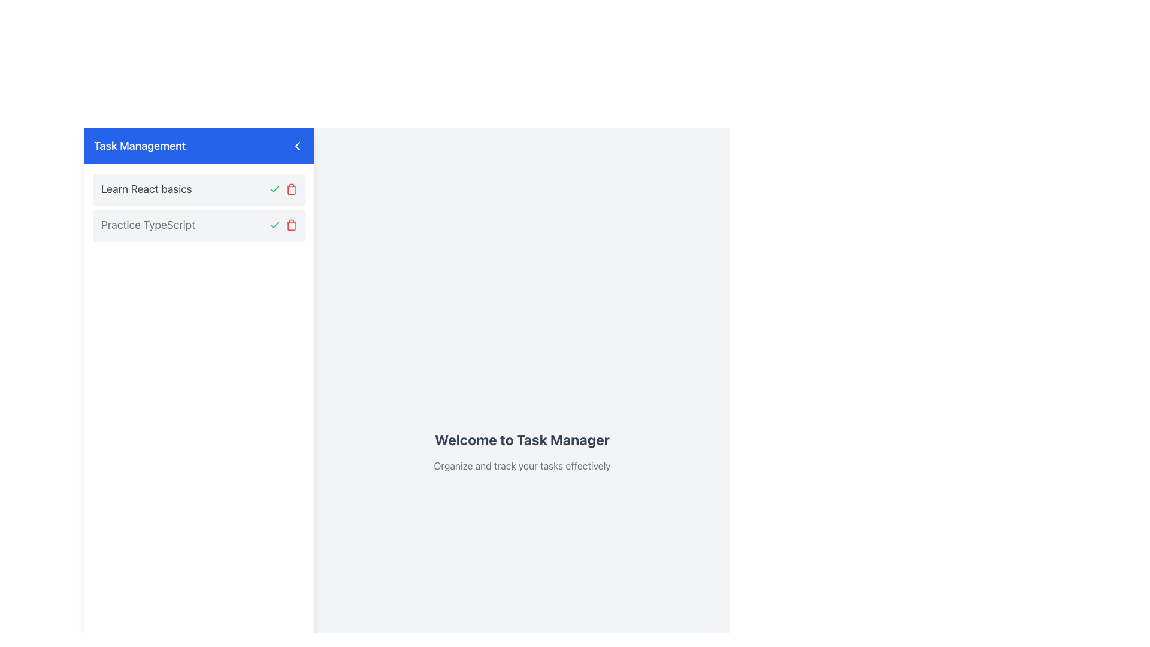  What do you see at coordinates (274, 225) in the screenshot?
I see `the toggle button located to the right of the 'Practice TypeScript' task text in the second task row of the 'Task Management' section` at bounding box center [274, 225].